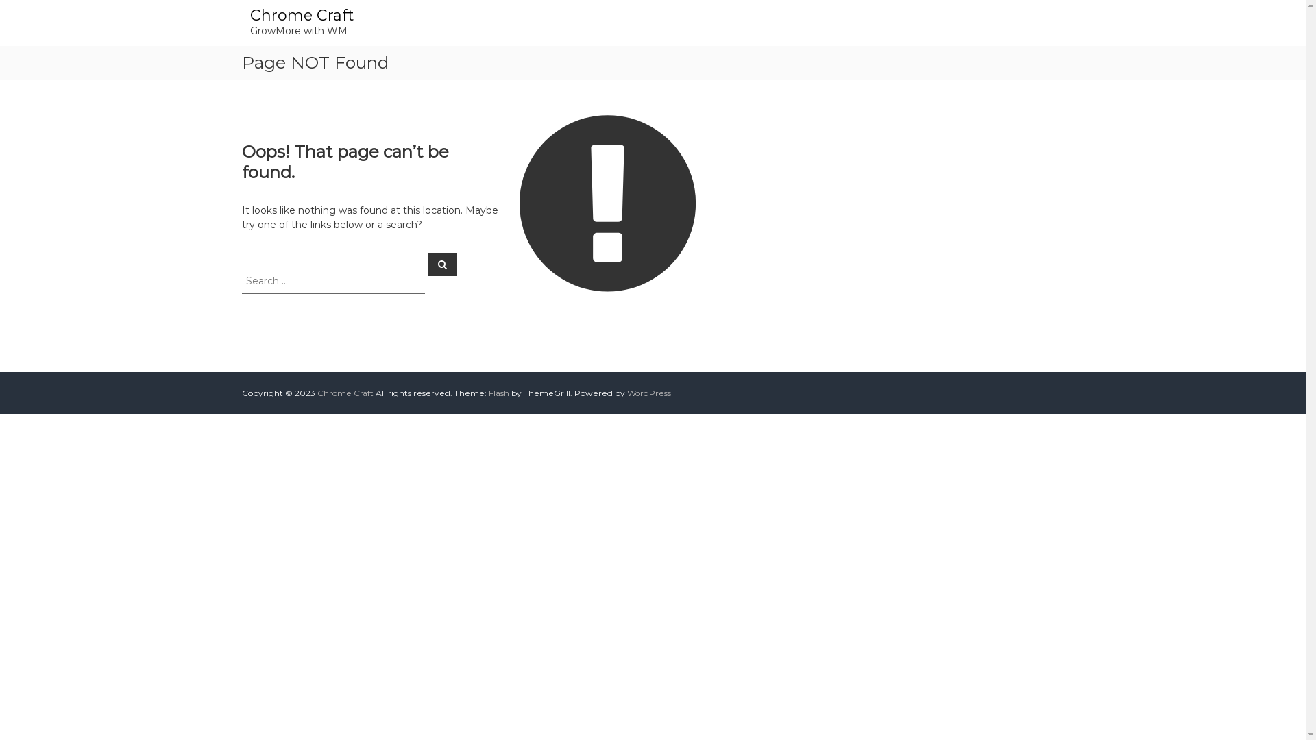  Describe the element at coordinates (647, 393) in the screenshot. I see `'WordPress'` at that location.